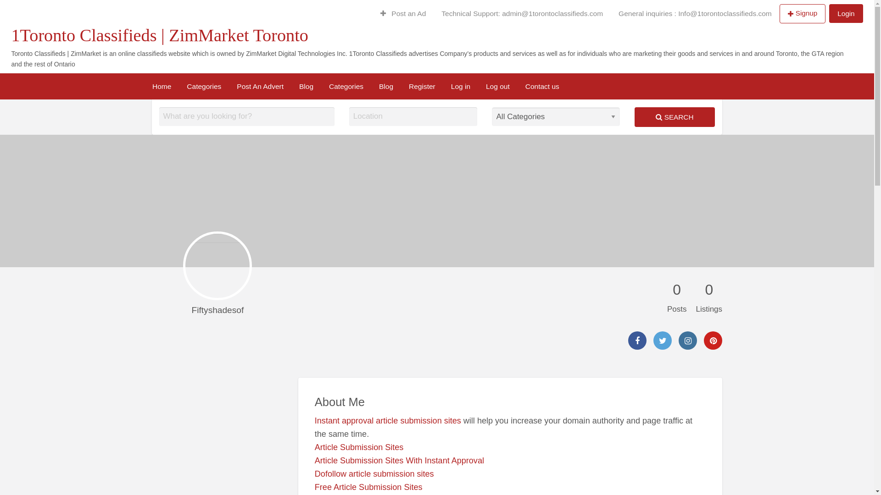 The image size is (881, 495). Describe the element at coordinates (178, 86) in the screenshot. I see `'Categories'` at that location.